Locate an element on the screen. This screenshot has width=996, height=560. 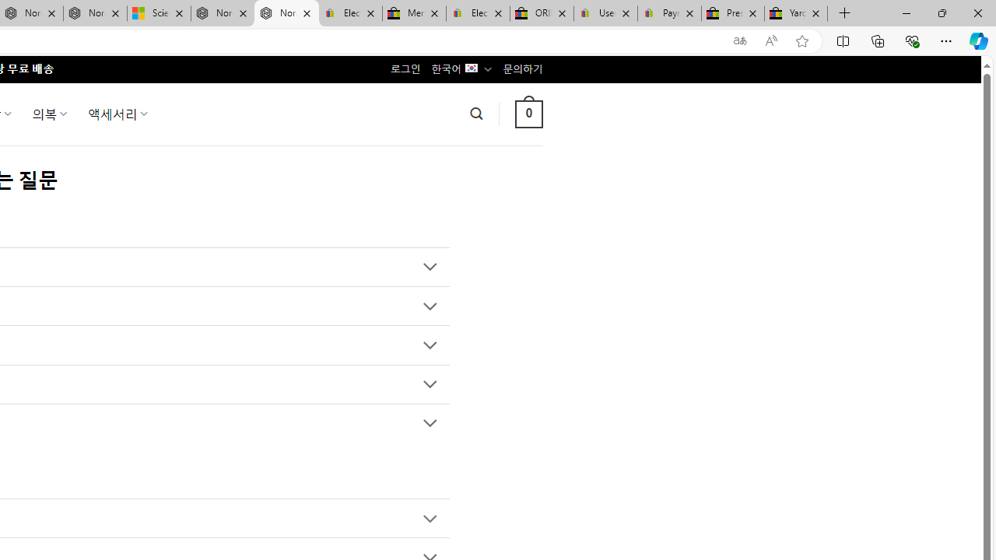
'  0  ' is located at coordinates (528, 113).